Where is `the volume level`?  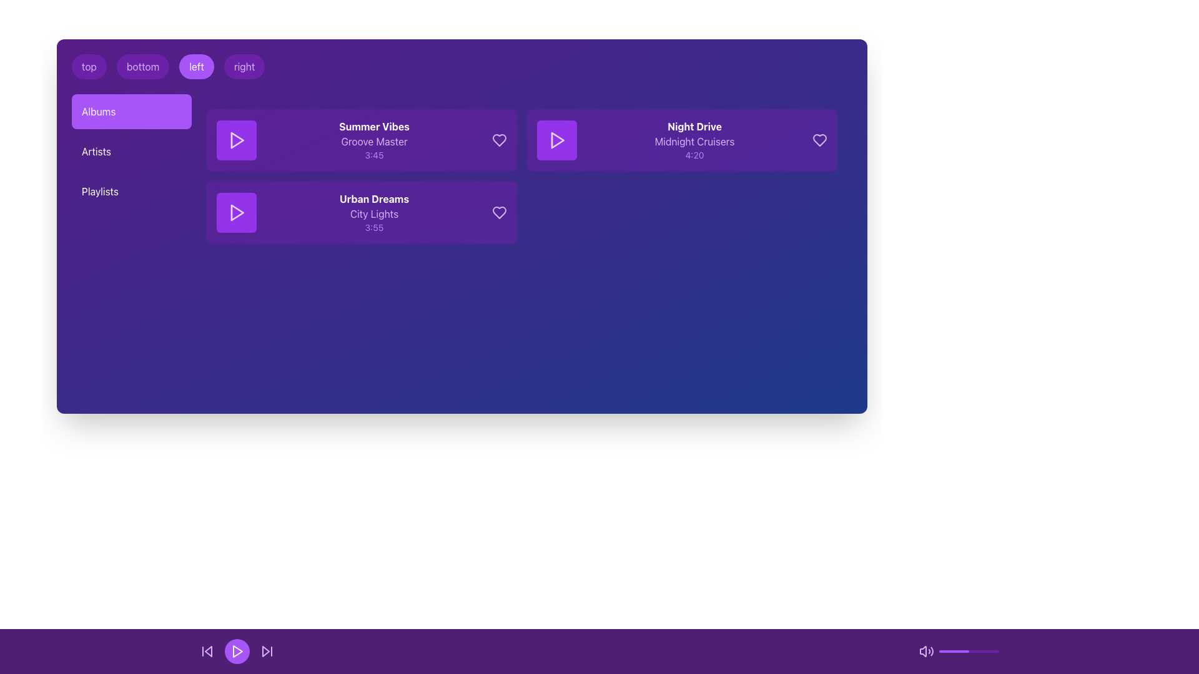 the volume level is located at coordinates (952, 651).